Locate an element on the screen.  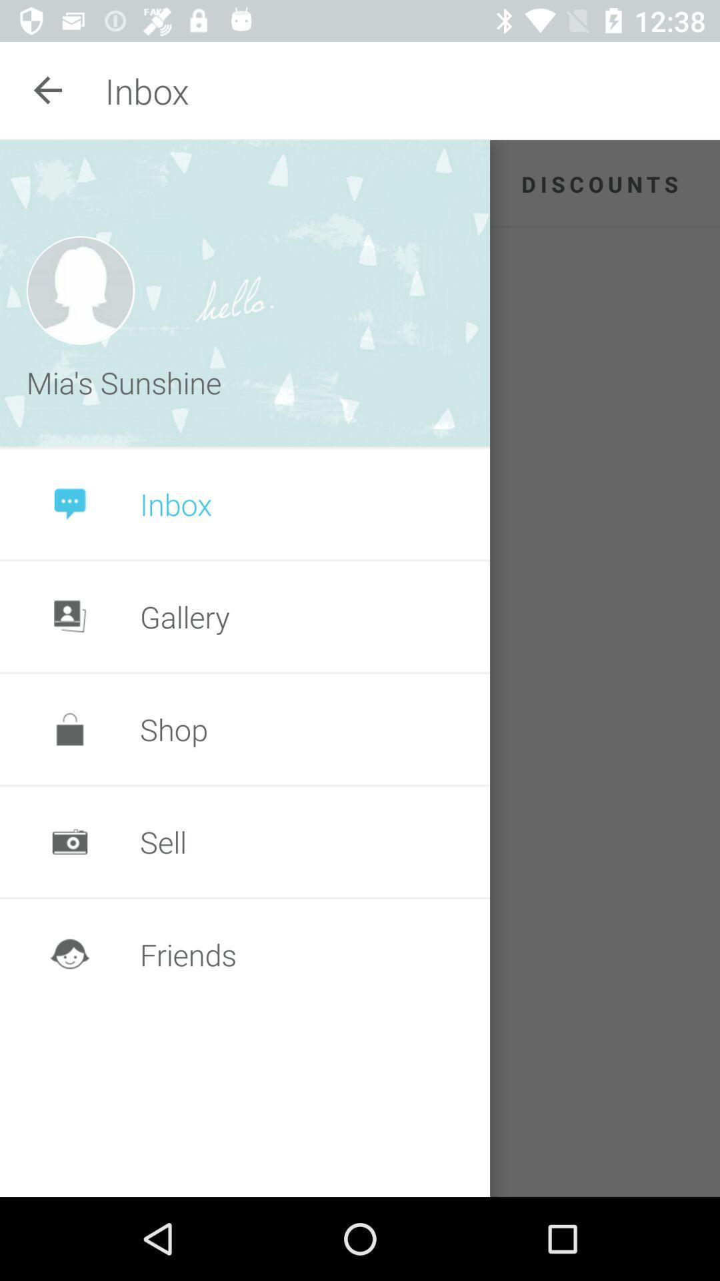
the item to the left of the inbox is located at coordinates (48, 90).